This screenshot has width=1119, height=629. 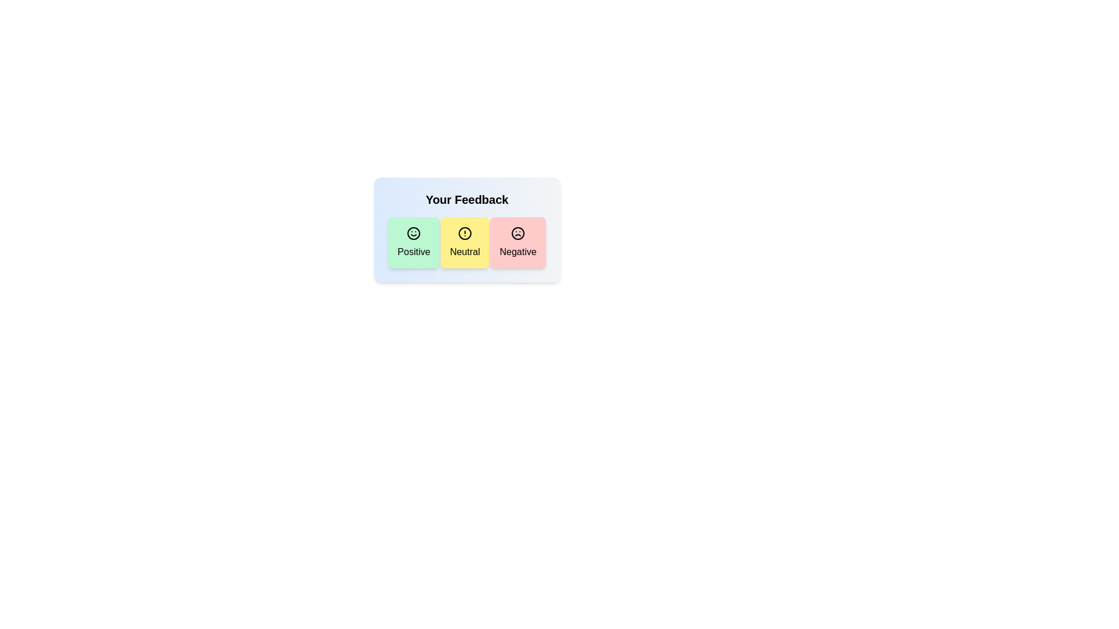 What do you see at coordinates (414, 251) in the screenshot?
I see `the Text label displaying 'Positive', which is styled in bold black font against a green background, located to the left of the 'Neutral' and 'Negative' buttons` at bounding box center [414, 251].